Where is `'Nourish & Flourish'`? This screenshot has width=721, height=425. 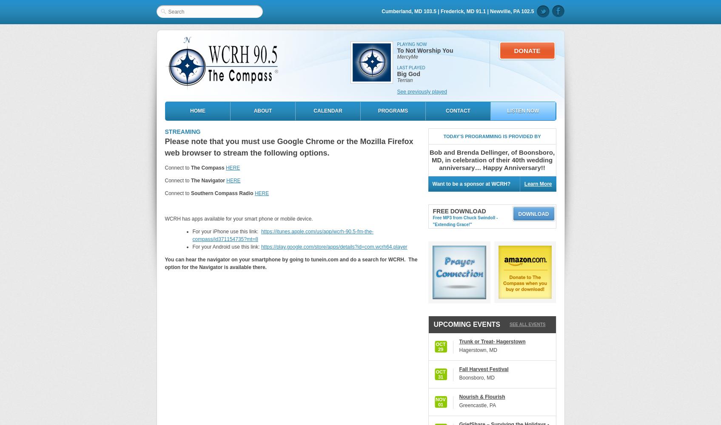 'Nourish & Flourish' is located at coordinates (481, 397).